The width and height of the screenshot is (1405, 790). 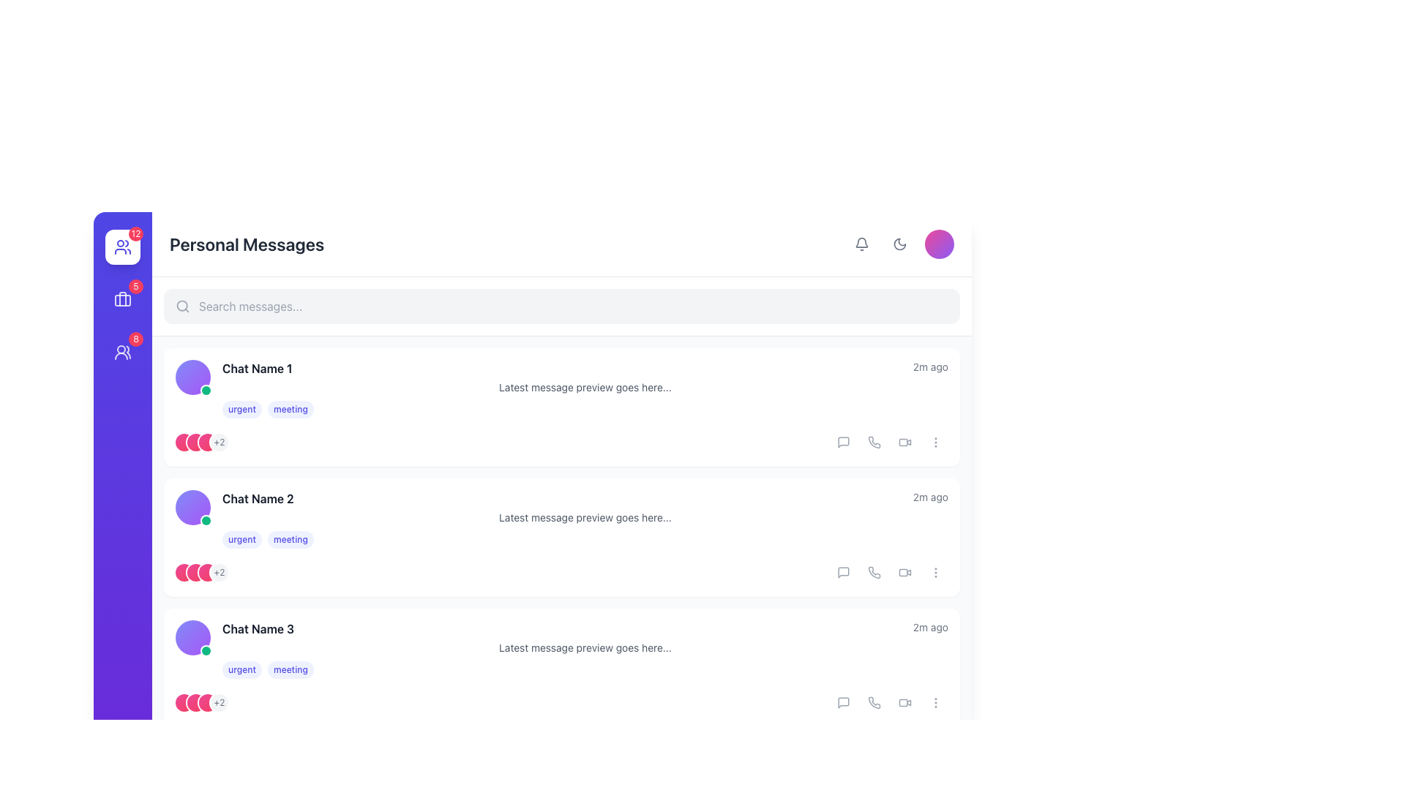 I want to click on the Informational badge, which is the fourth circular icon in a series, located below 'Chat Name 1' and next to the tags 'urgent' and 'meeting', so click(x=218, y=442).